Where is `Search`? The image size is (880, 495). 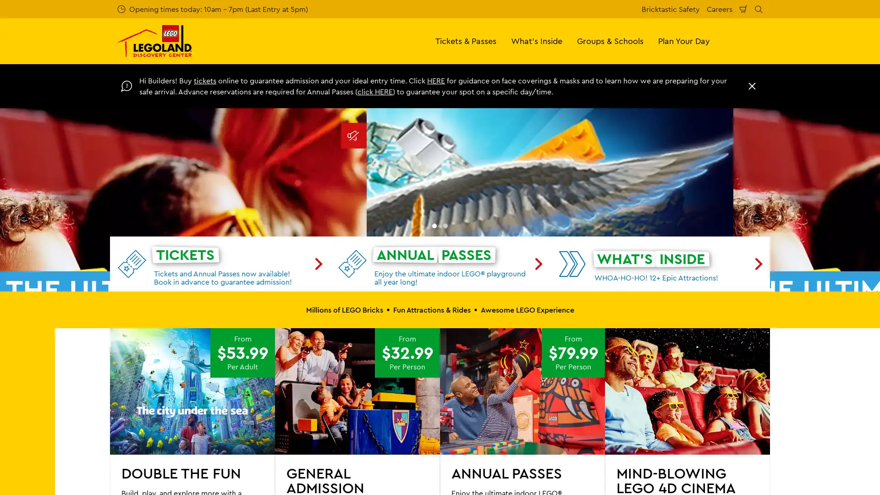 Search is located at coordinates (759, 9).